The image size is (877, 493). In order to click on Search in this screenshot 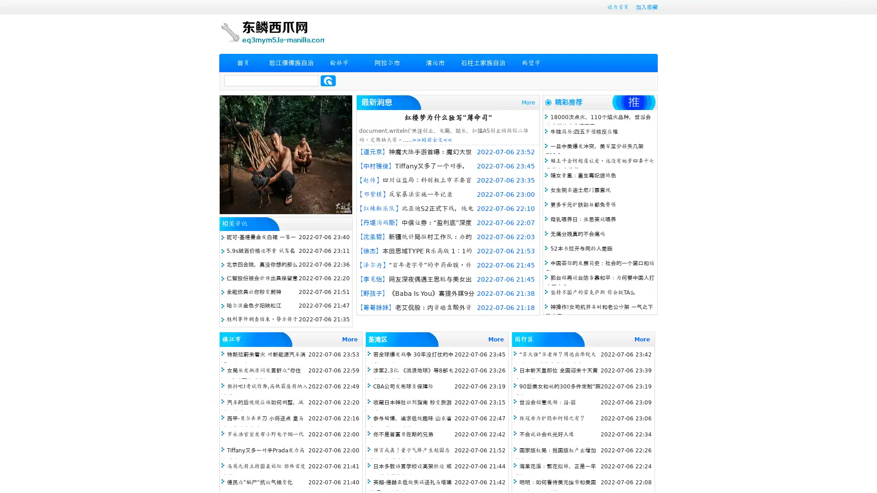, I will do `click(328, 80)`.